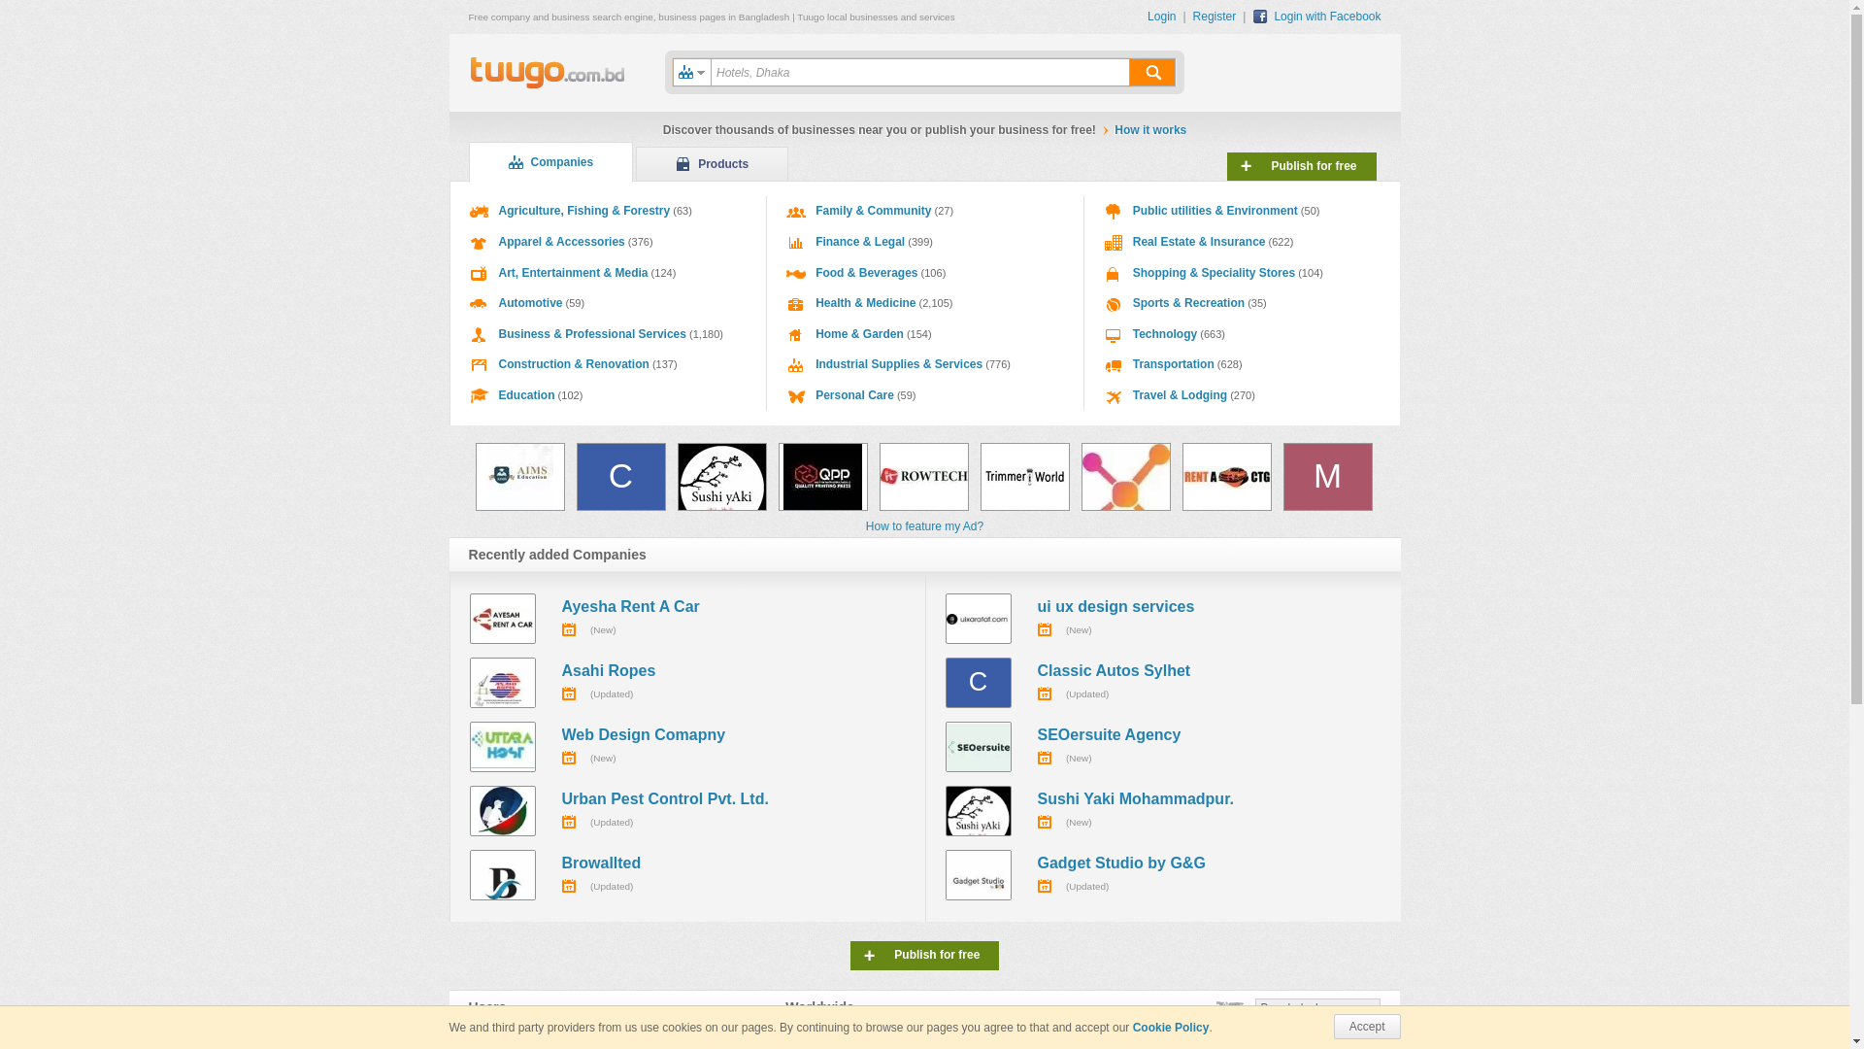  I want to click on ' Travel & Lodging (270)', so click(1243, 395).